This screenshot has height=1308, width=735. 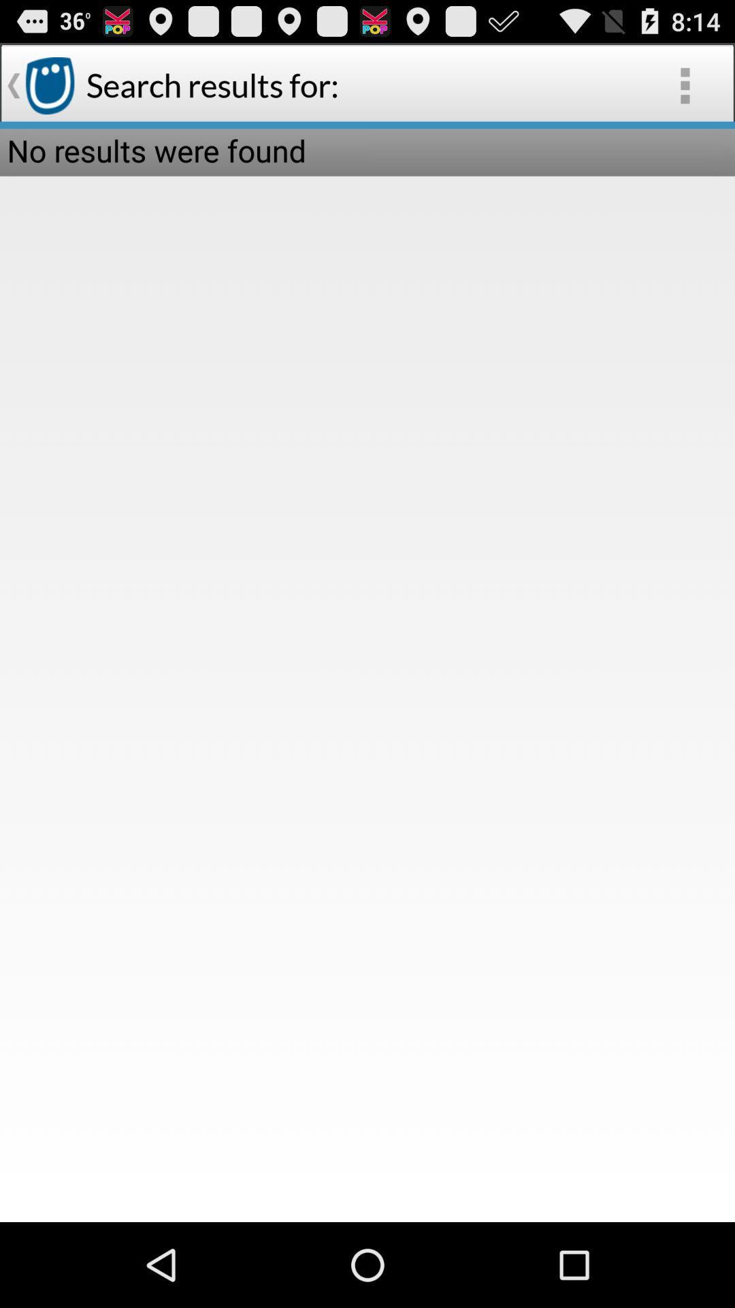 I want to click on the item at the top right corner, so click(x=685, y=84).